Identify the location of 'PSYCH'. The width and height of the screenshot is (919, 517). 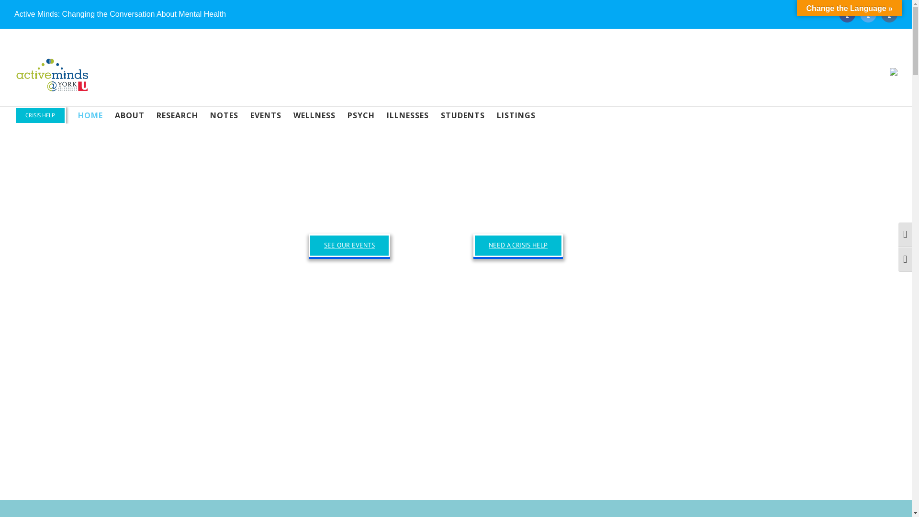
(360, 114).